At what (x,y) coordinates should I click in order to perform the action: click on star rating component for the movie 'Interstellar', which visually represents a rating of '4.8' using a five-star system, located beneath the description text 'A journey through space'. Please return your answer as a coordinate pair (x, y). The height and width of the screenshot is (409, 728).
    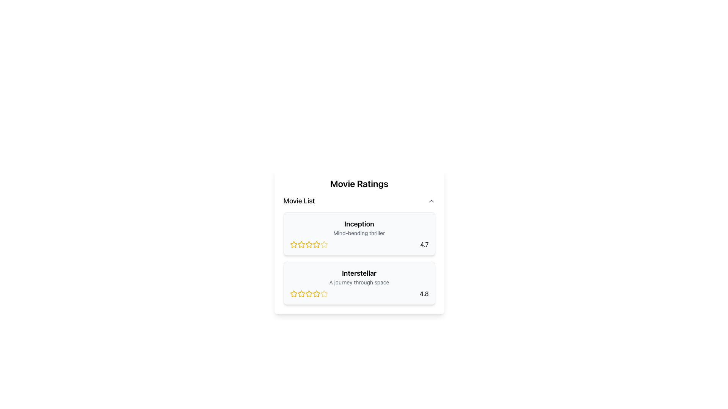
    Looking at the image, I should click on (359, 293).